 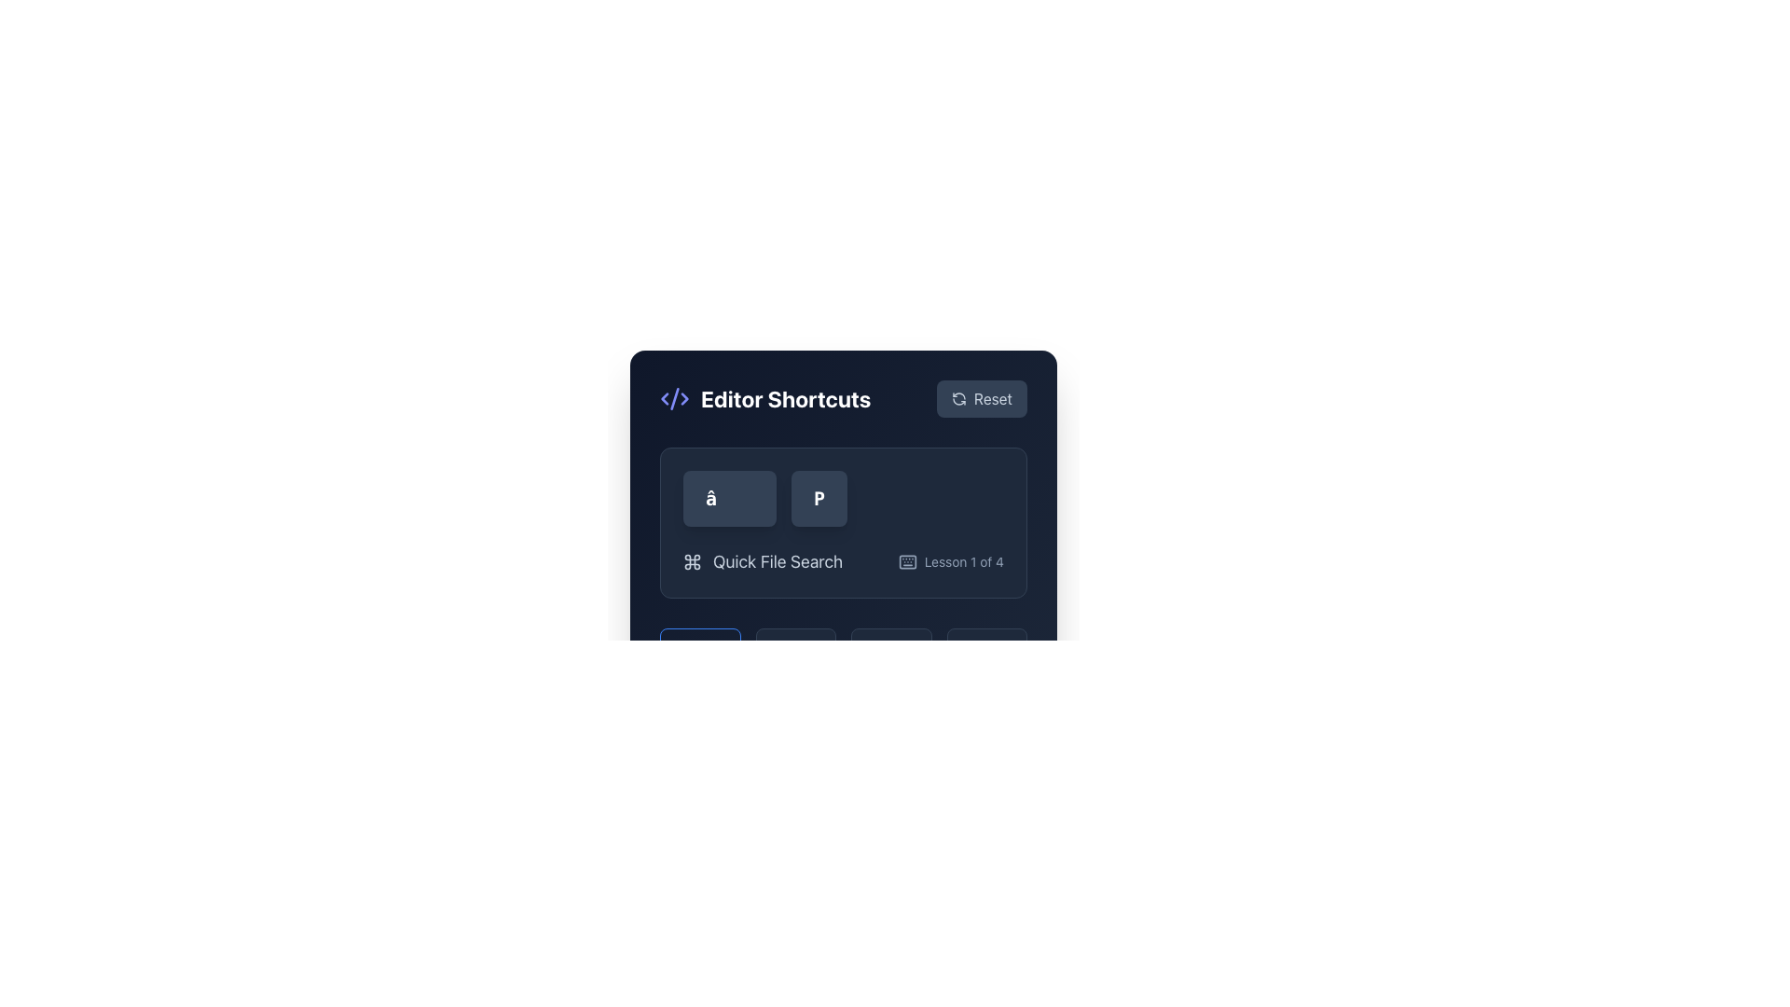 What do you see at coordinates (907, 560) in the screenshot?
I see `the keyboard icon representing the concept of a keyboard, located to the left of the text 'Lesson 1 of 4', for visual context` at bounding box center [907, 560].